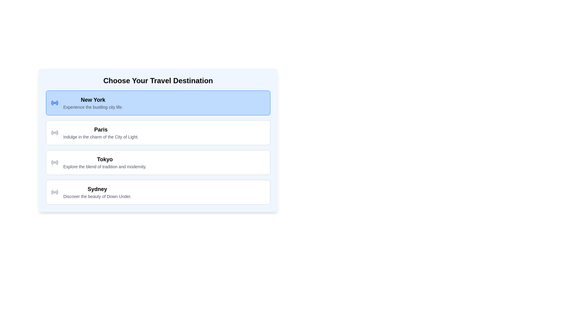 This screenshot has height=328, width=584. What do you see at coordinates (55, 103) in the screenshot?
I see `the blue circular radio icon with a radar-like design located on the far left of the 'New York' rectangle in the travel destinations list` at bounding box center [55, 103].